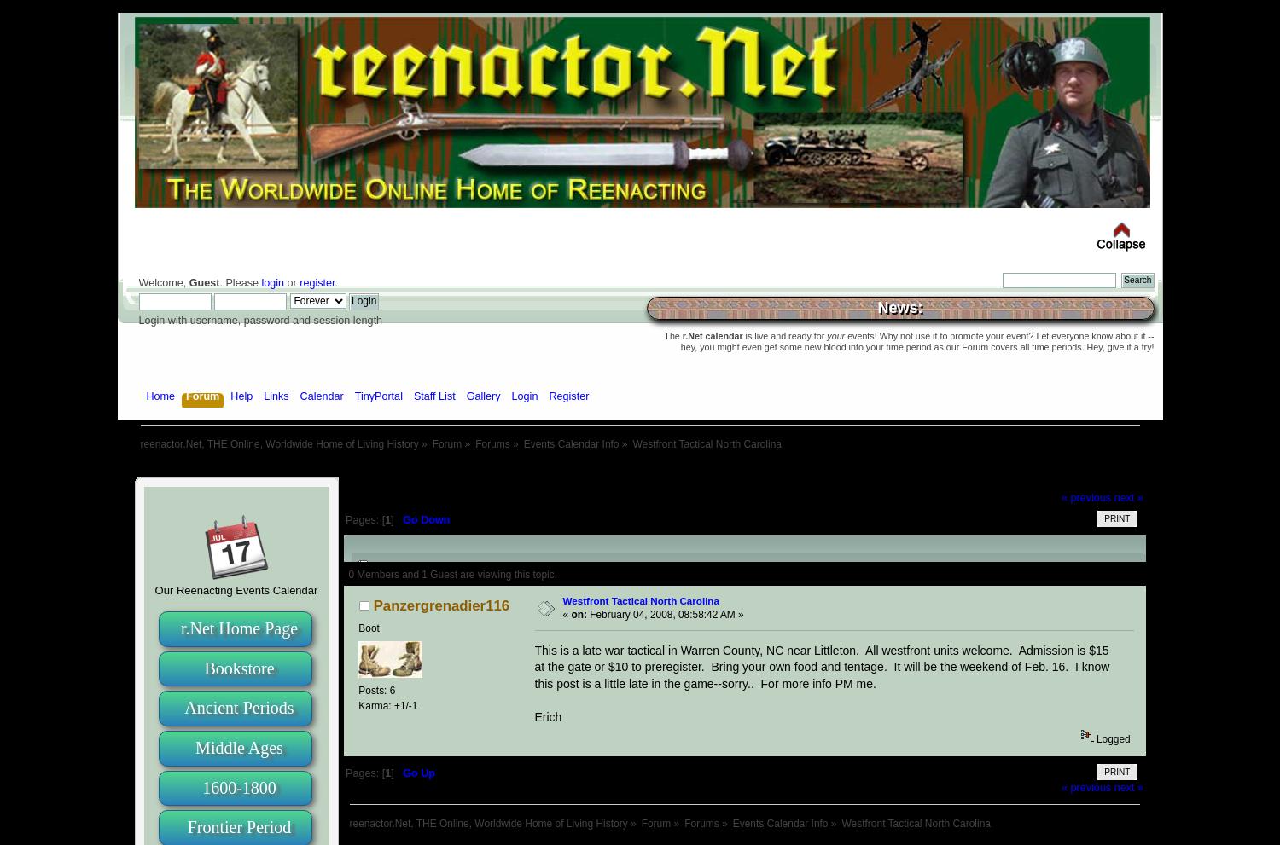  Describe the element at coordinates (417, 772) in the screenshot. I see `'Go Up'` at that location.